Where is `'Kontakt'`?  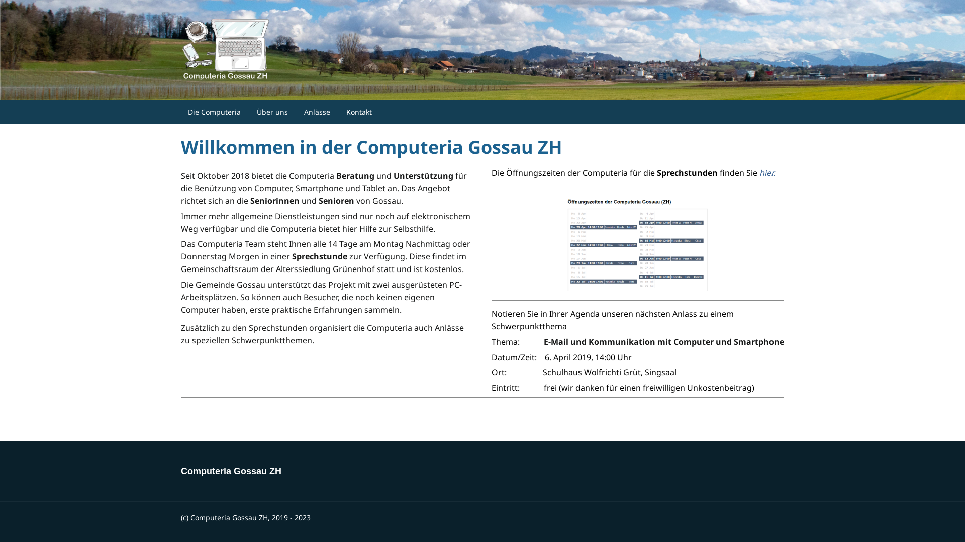 'Kontakt' is located at coordinates (359, 112).